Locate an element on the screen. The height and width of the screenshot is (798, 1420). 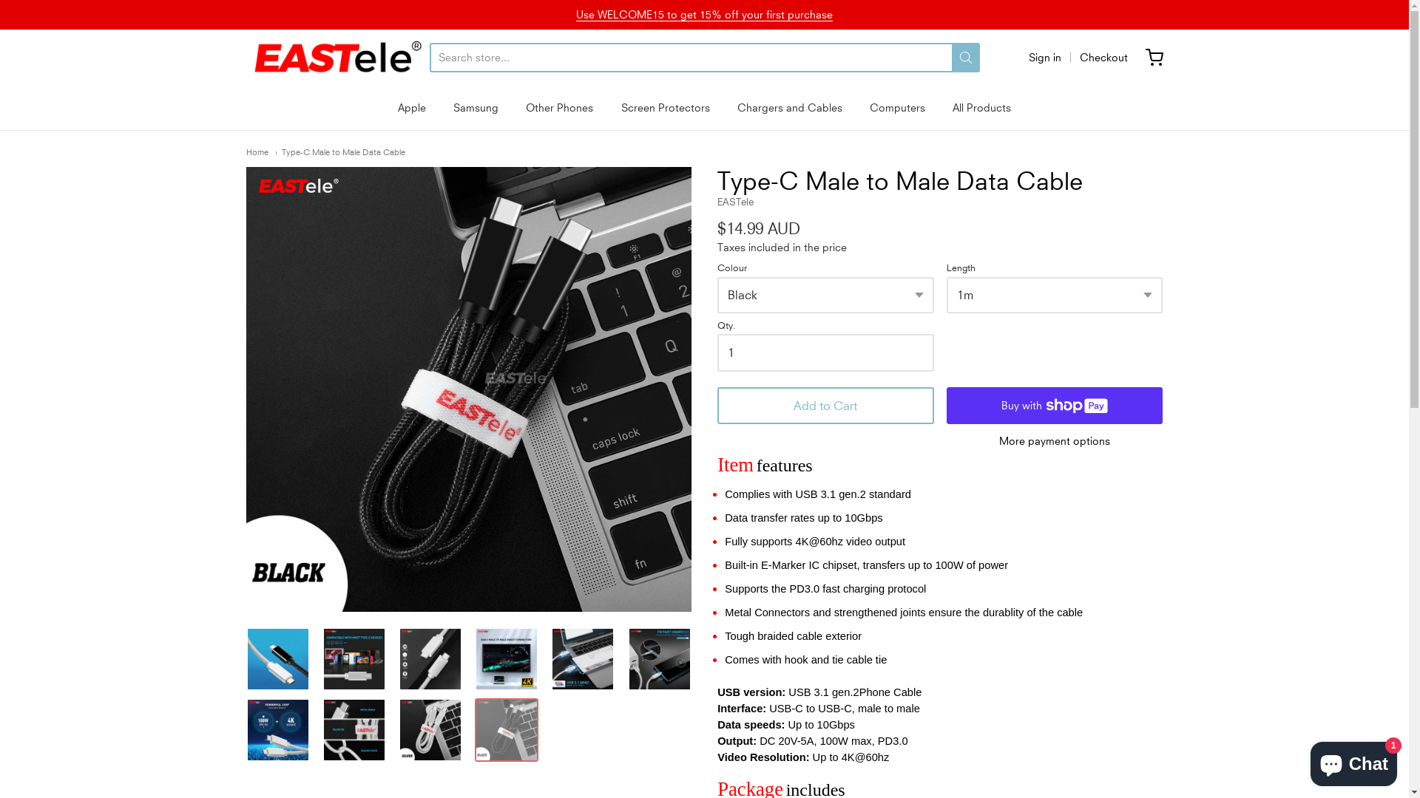
'Type-C Male to Male Data Cable' is located at coordinates (507, 729).